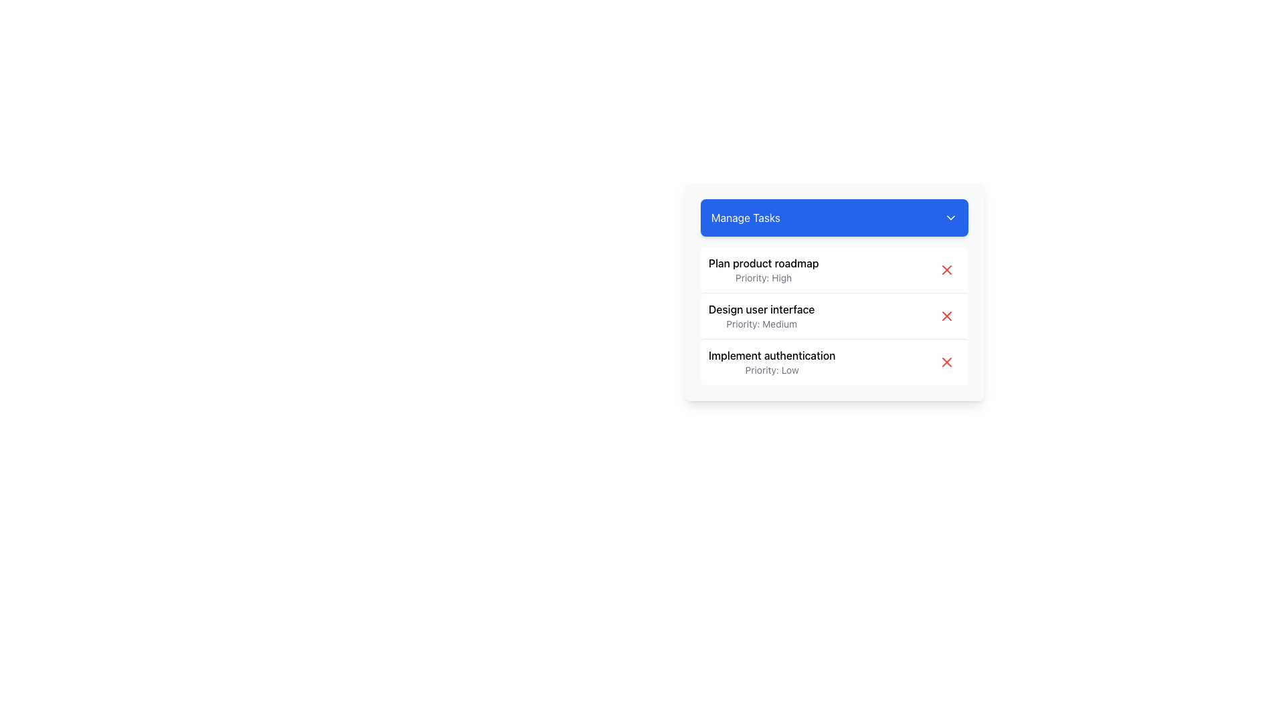 The image size is (1285, 722). What do you see at coordinates (834, 217) in the screenshot?
I see `the dropdown button at the top of the task management list for keyboard navigation` at bounding box center [834, 217].